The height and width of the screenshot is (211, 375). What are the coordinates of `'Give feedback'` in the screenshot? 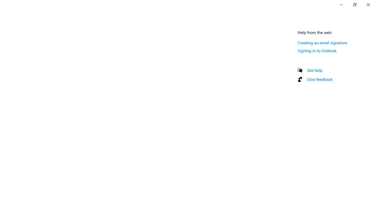 It's located at (319, 79).